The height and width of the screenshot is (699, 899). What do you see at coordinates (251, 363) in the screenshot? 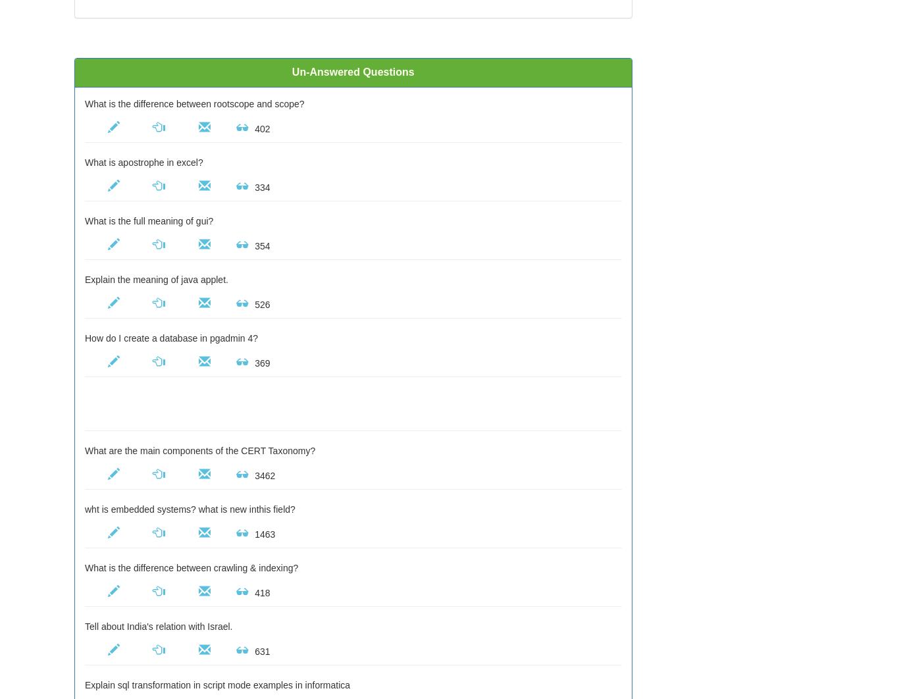
I see `'369'` at bounding box center [251, 363].